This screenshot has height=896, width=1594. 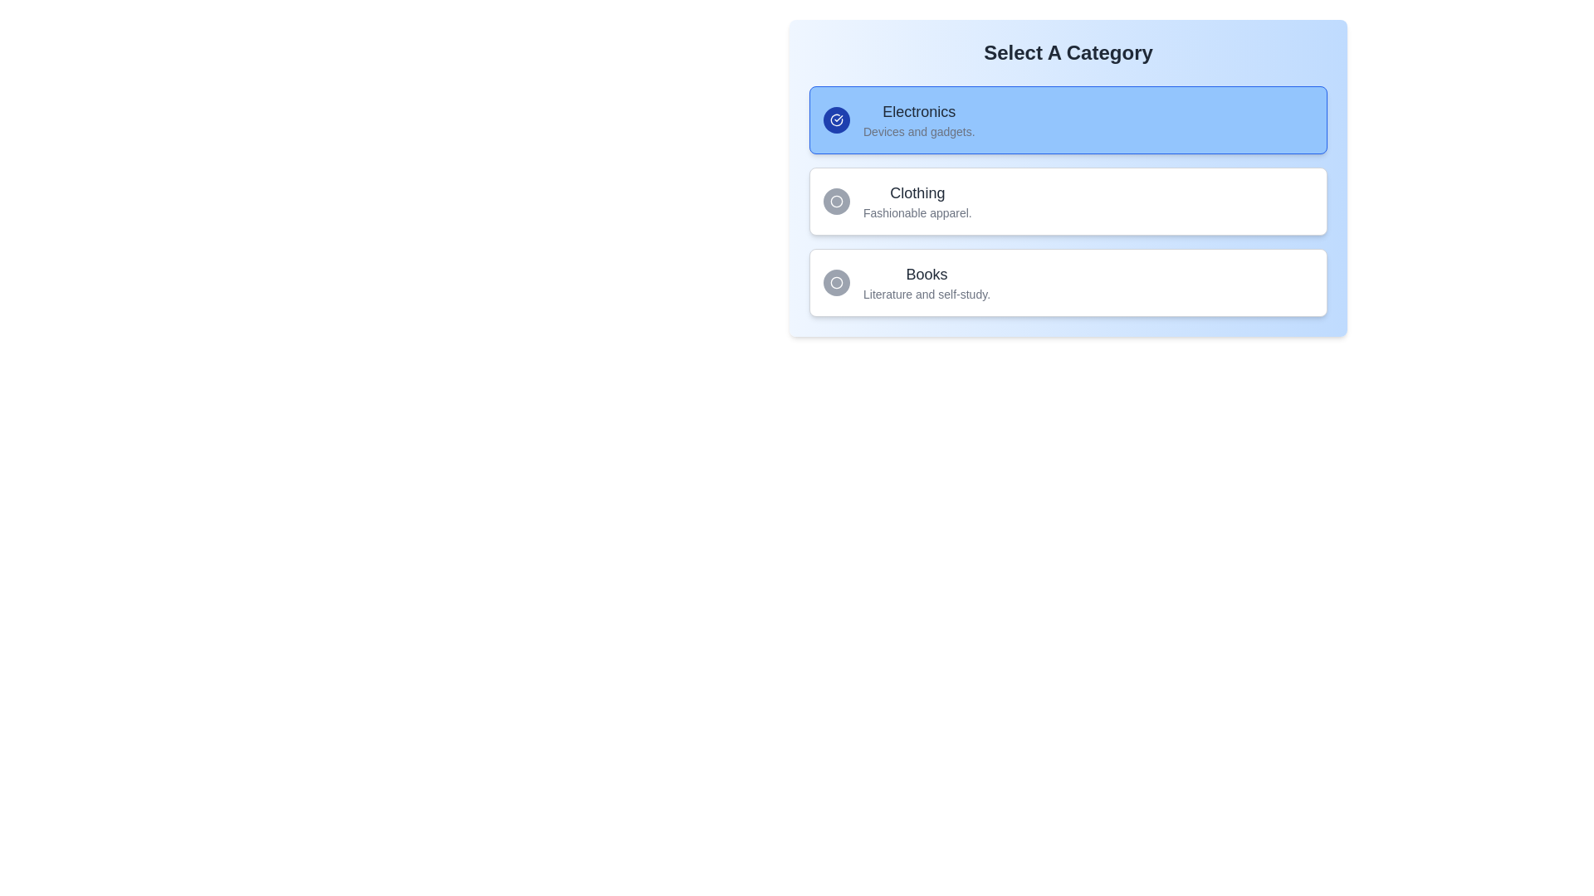 I want to click on the text label displaying 'Clothing', which is a bold, medium-sized dark grey font located above 'Fashionable apparel' in the vertical list of categories, so click(x=917, y=192).